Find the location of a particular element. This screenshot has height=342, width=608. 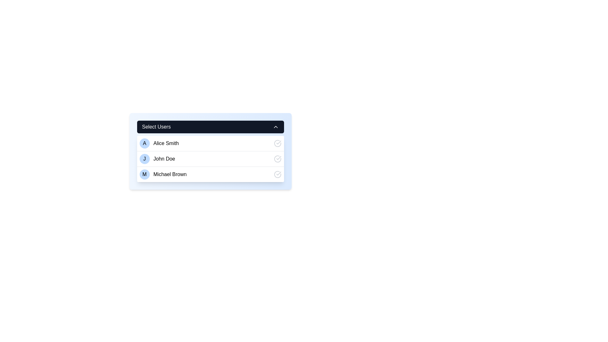

the second entry in the selection list, which is located between 'Alice Smith' and 'Michael Brown' is located at coordinates (210, 158).